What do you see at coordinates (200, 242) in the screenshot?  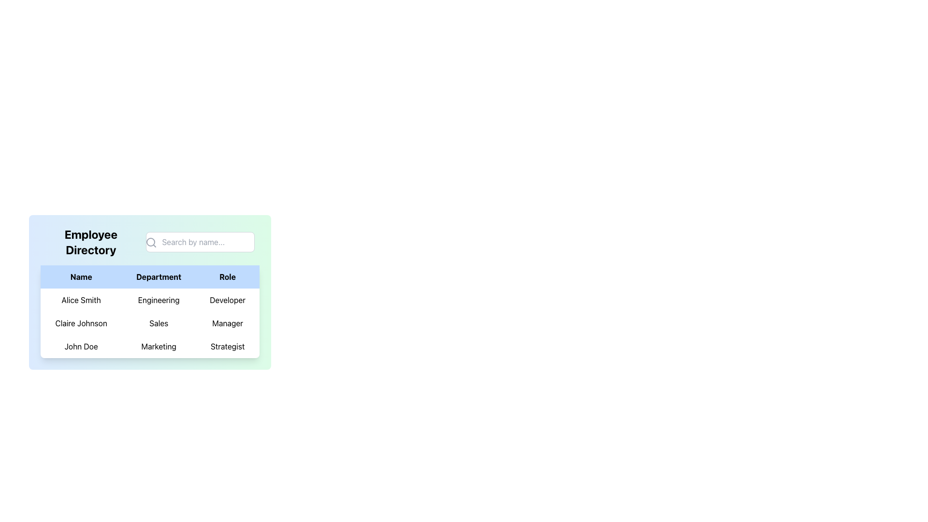 I see `the search input field in the top-right corner of the 'Employee Directory' section to focus it` at bounding box center [200, 242].